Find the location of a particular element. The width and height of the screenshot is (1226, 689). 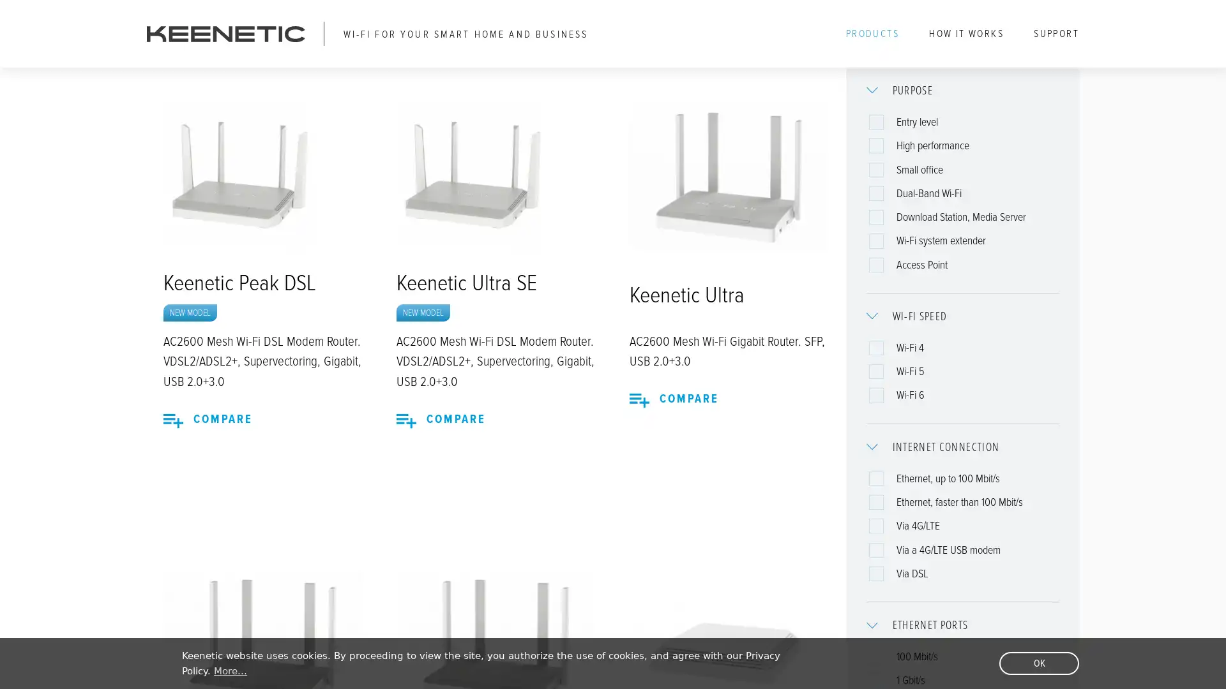

learn more about cookies is located at coordinates (230, 670).